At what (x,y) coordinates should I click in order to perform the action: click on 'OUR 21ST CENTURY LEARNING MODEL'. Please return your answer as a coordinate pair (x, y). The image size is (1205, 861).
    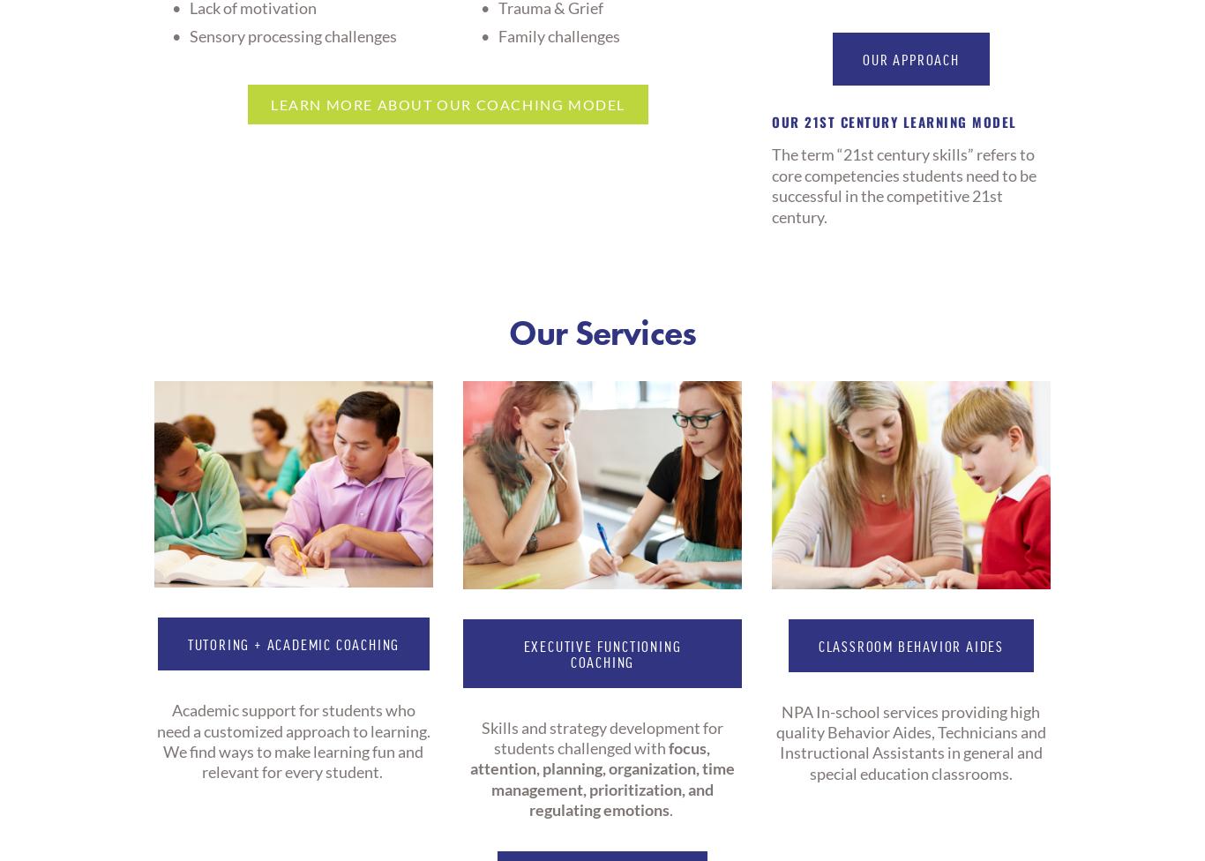
    Looking at the image, I should click on (896, 121).